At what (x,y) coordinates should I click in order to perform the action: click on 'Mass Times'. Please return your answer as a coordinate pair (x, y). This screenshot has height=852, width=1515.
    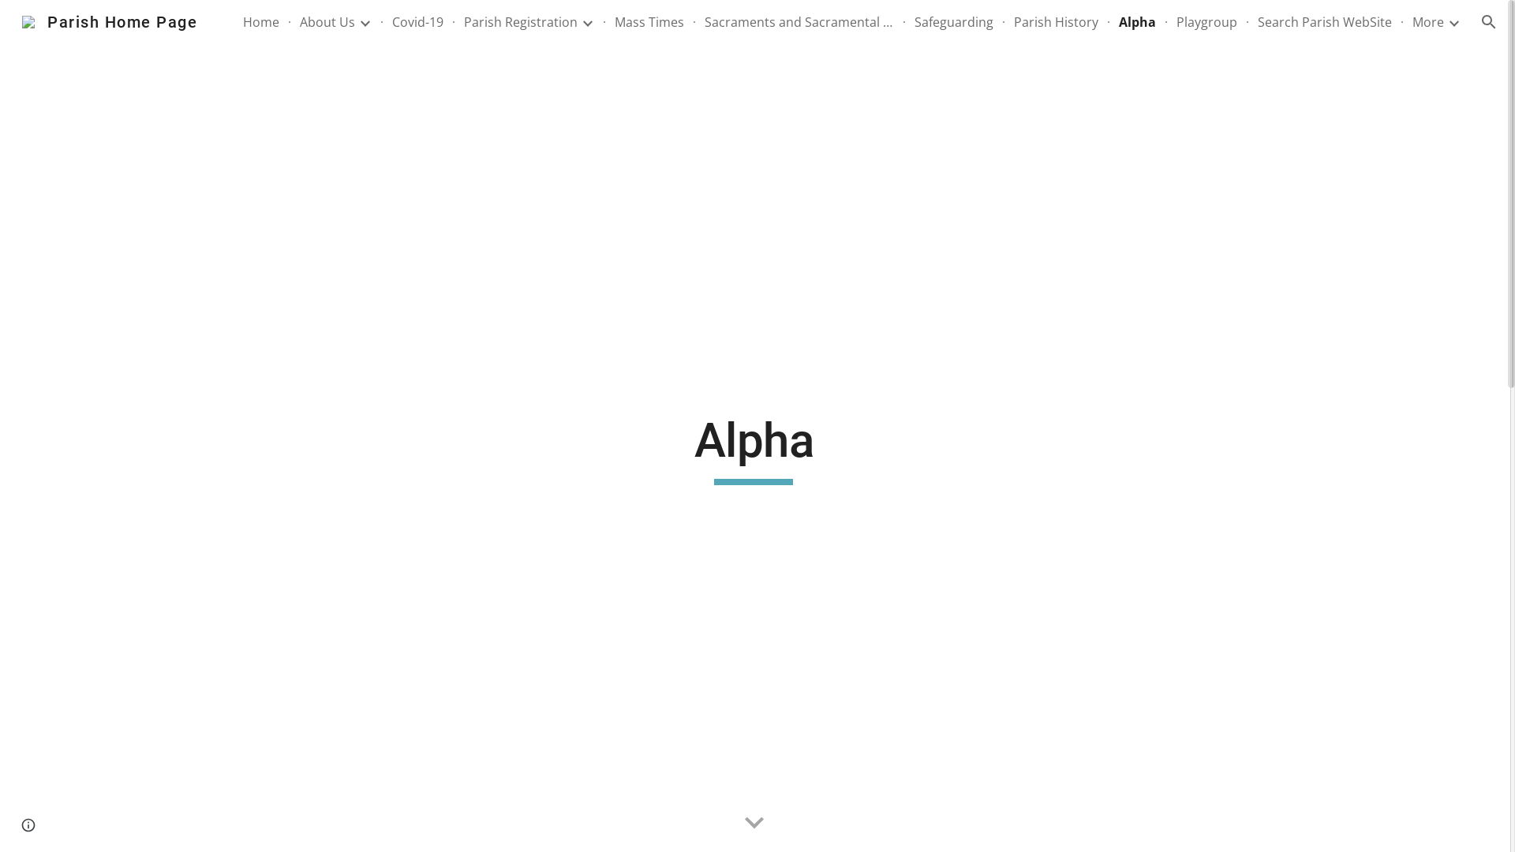
    Looking at the image, I should click on (613, 21).